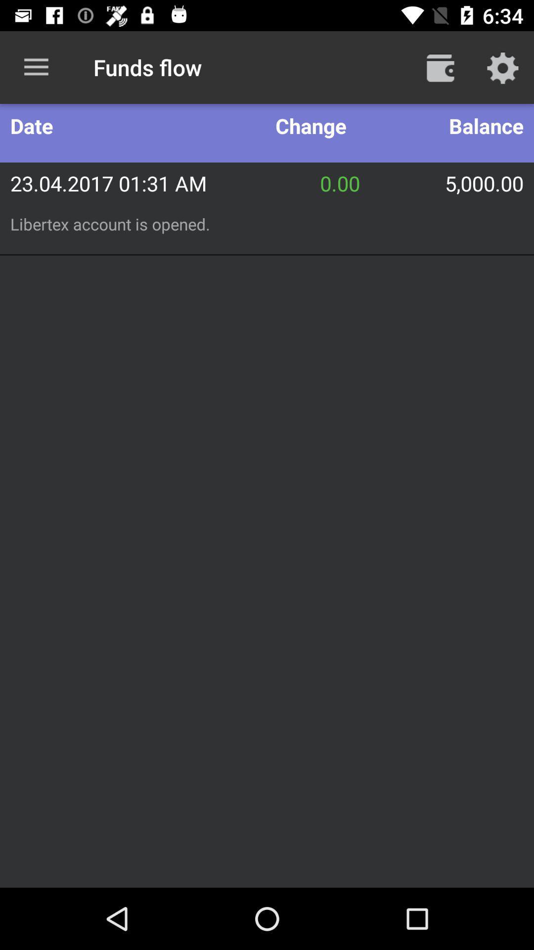 The height and width of the screenshot is (950, 534). I want to click on the icon to the left of the funds flow app, so click(36, 67).